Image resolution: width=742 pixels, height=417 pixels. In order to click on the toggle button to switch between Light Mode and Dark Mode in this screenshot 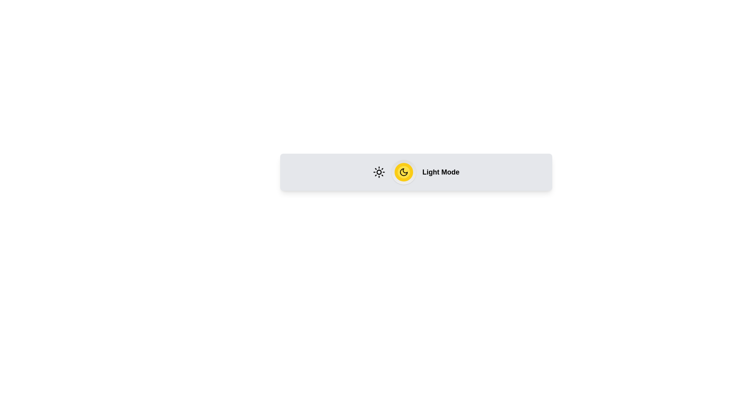, I will do `click(403, 172)`.